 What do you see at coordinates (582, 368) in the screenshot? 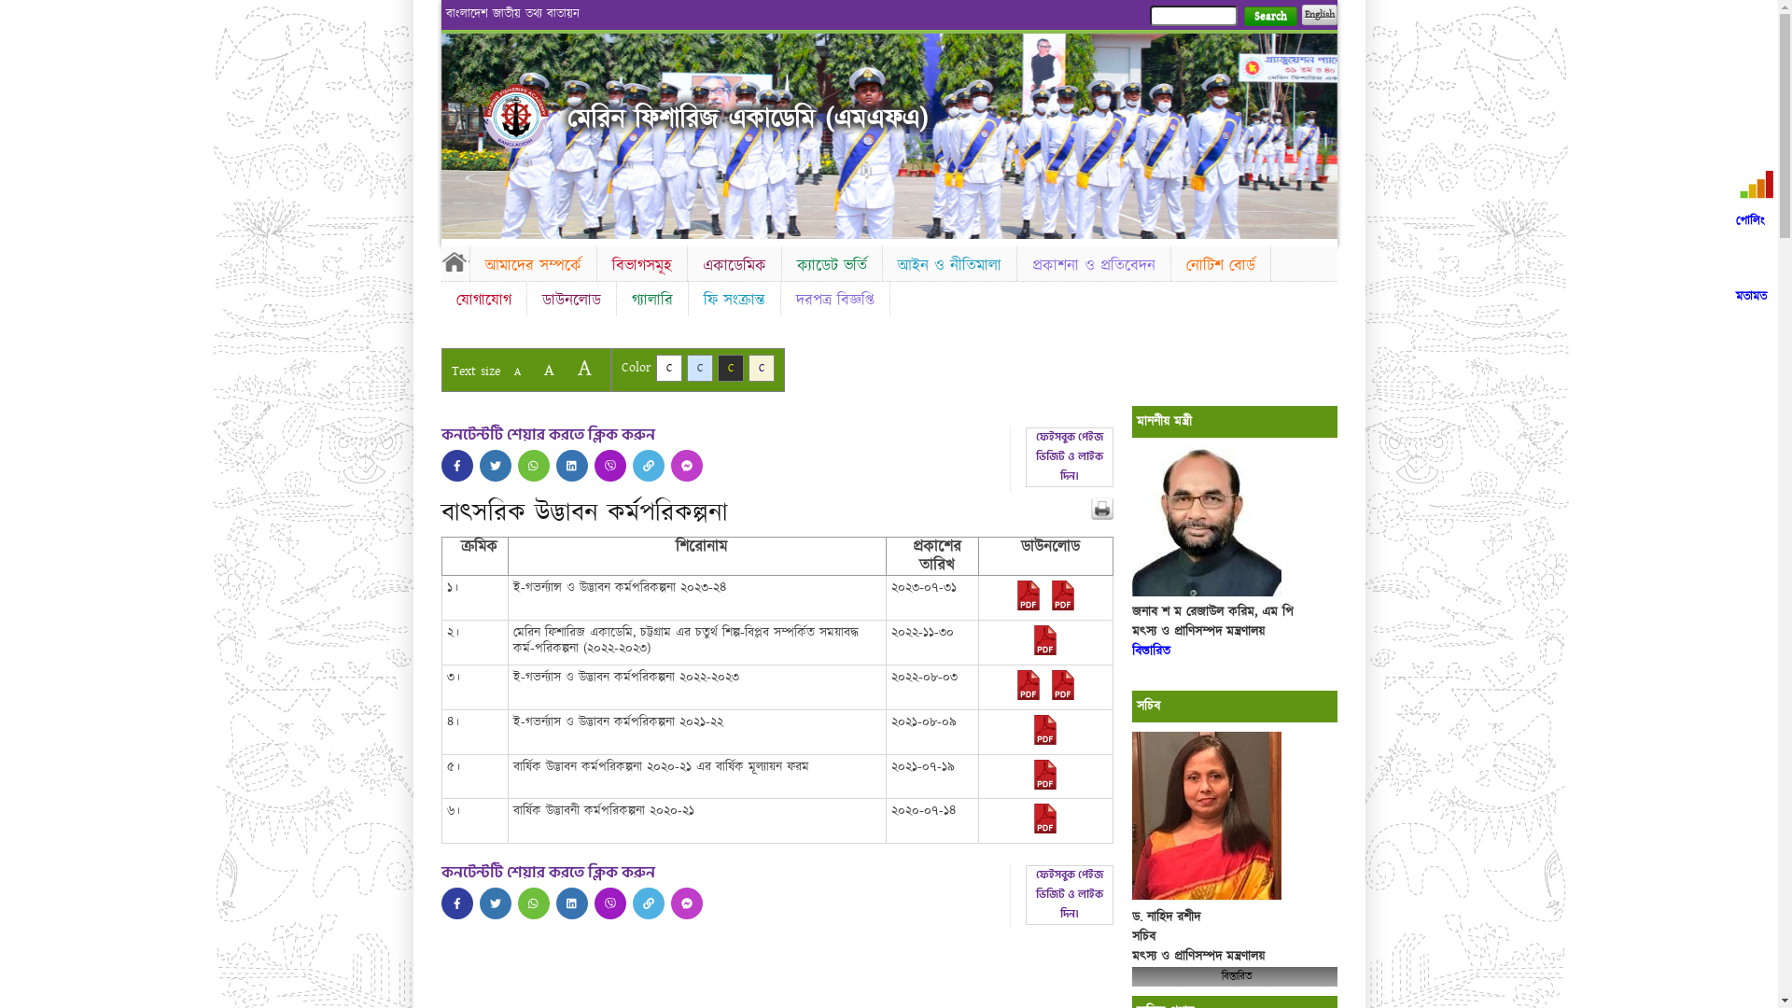
I see `'A'` at bounding box center [582, 368].